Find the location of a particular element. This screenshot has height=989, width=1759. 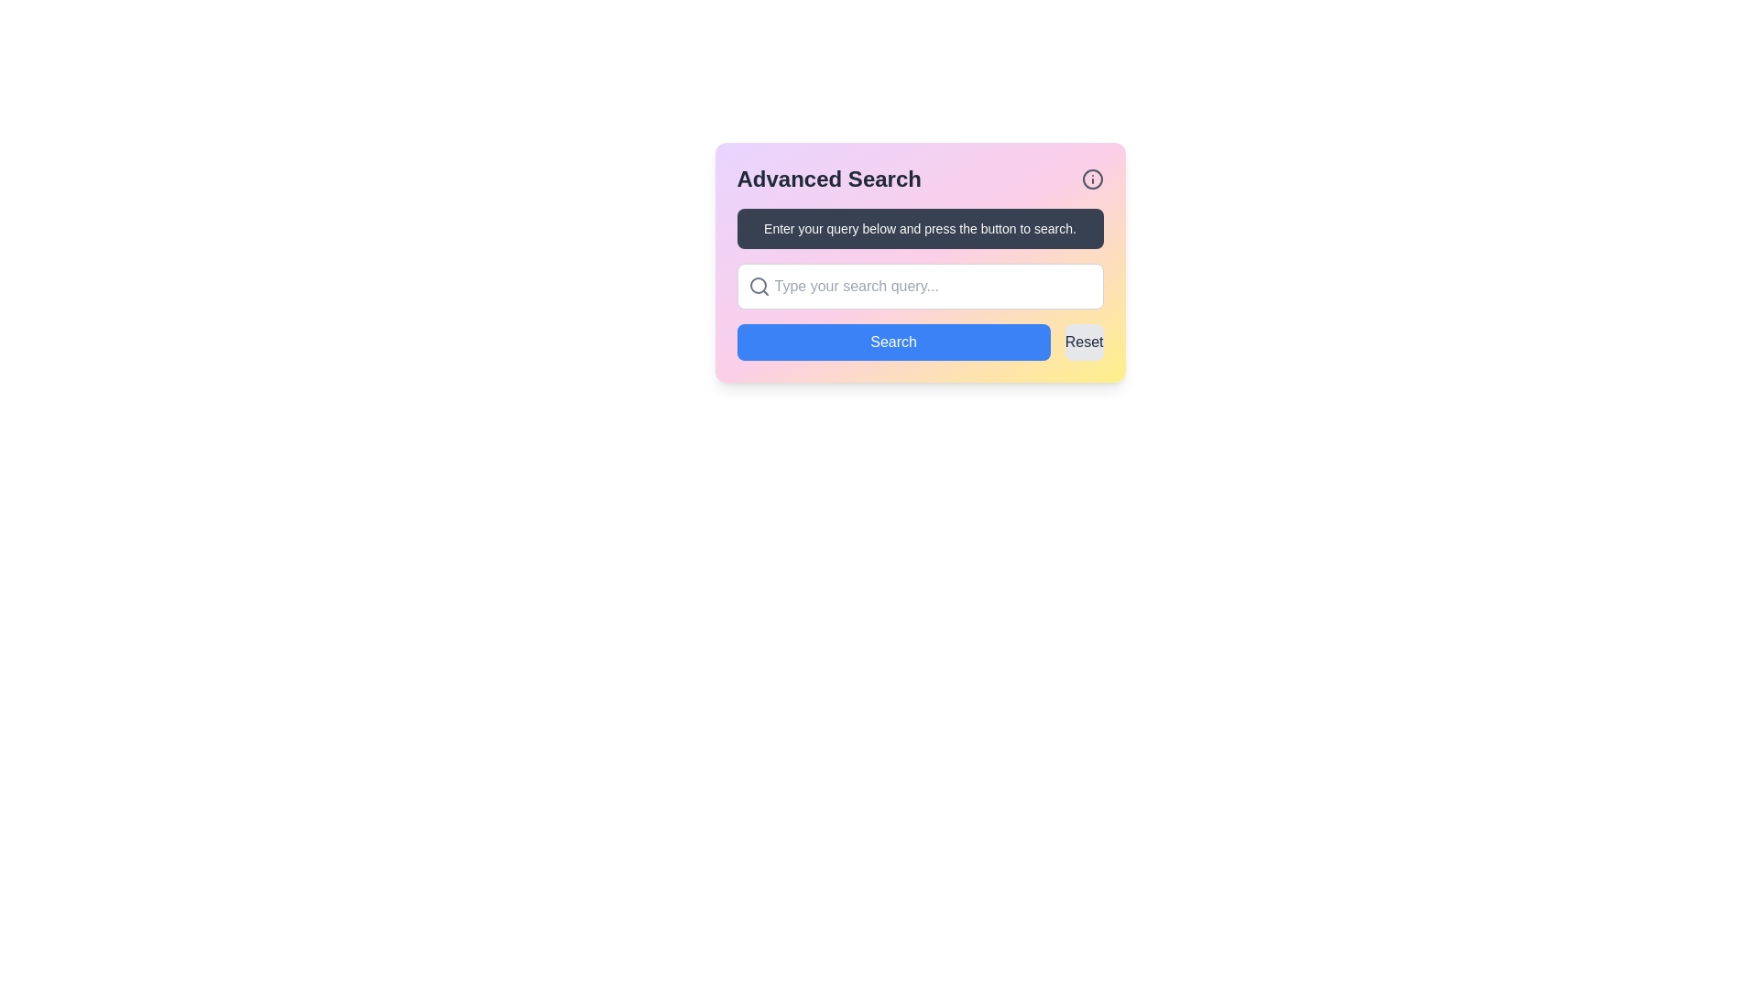

informational text block located within the 'Advanced Search' card, which guides users on how to interact with the search feature is located at coordinates (920, 228).